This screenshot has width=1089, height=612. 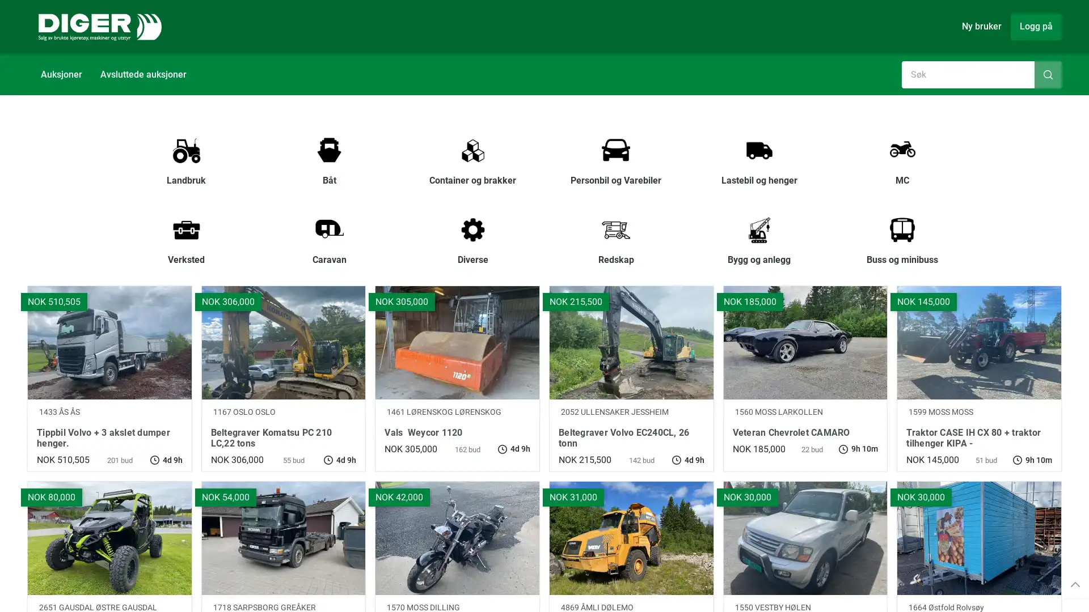 I want to click on Ny bruker, so click(x=981, y=25).